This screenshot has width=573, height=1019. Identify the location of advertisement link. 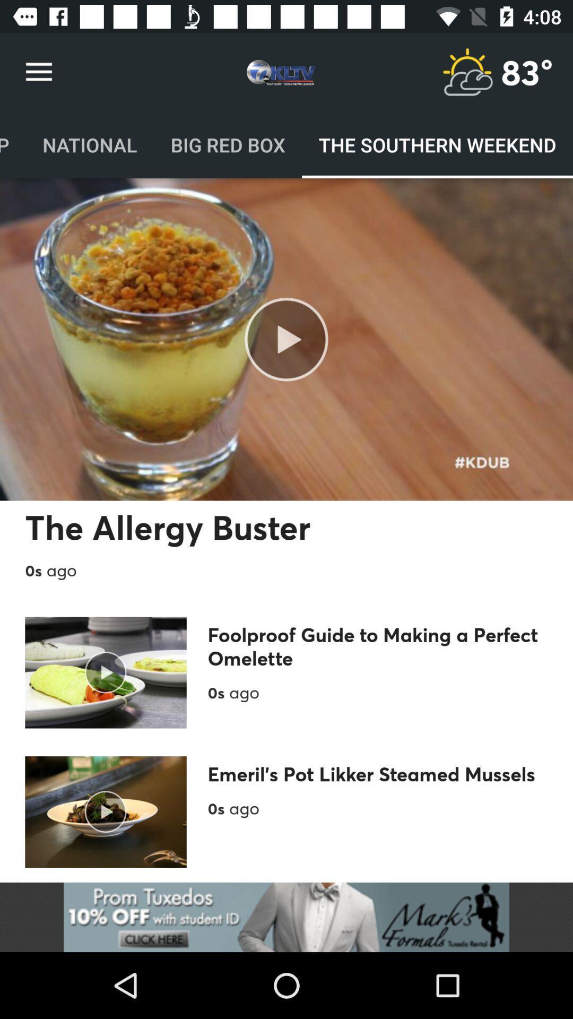
(286, 917).